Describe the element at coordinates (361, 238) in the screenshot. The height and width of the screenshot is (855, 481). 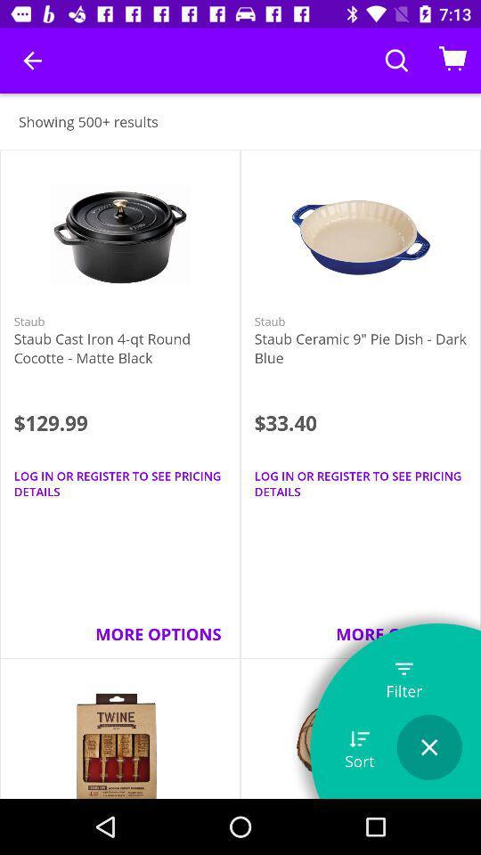
I see `image on top of 3340` at that location.